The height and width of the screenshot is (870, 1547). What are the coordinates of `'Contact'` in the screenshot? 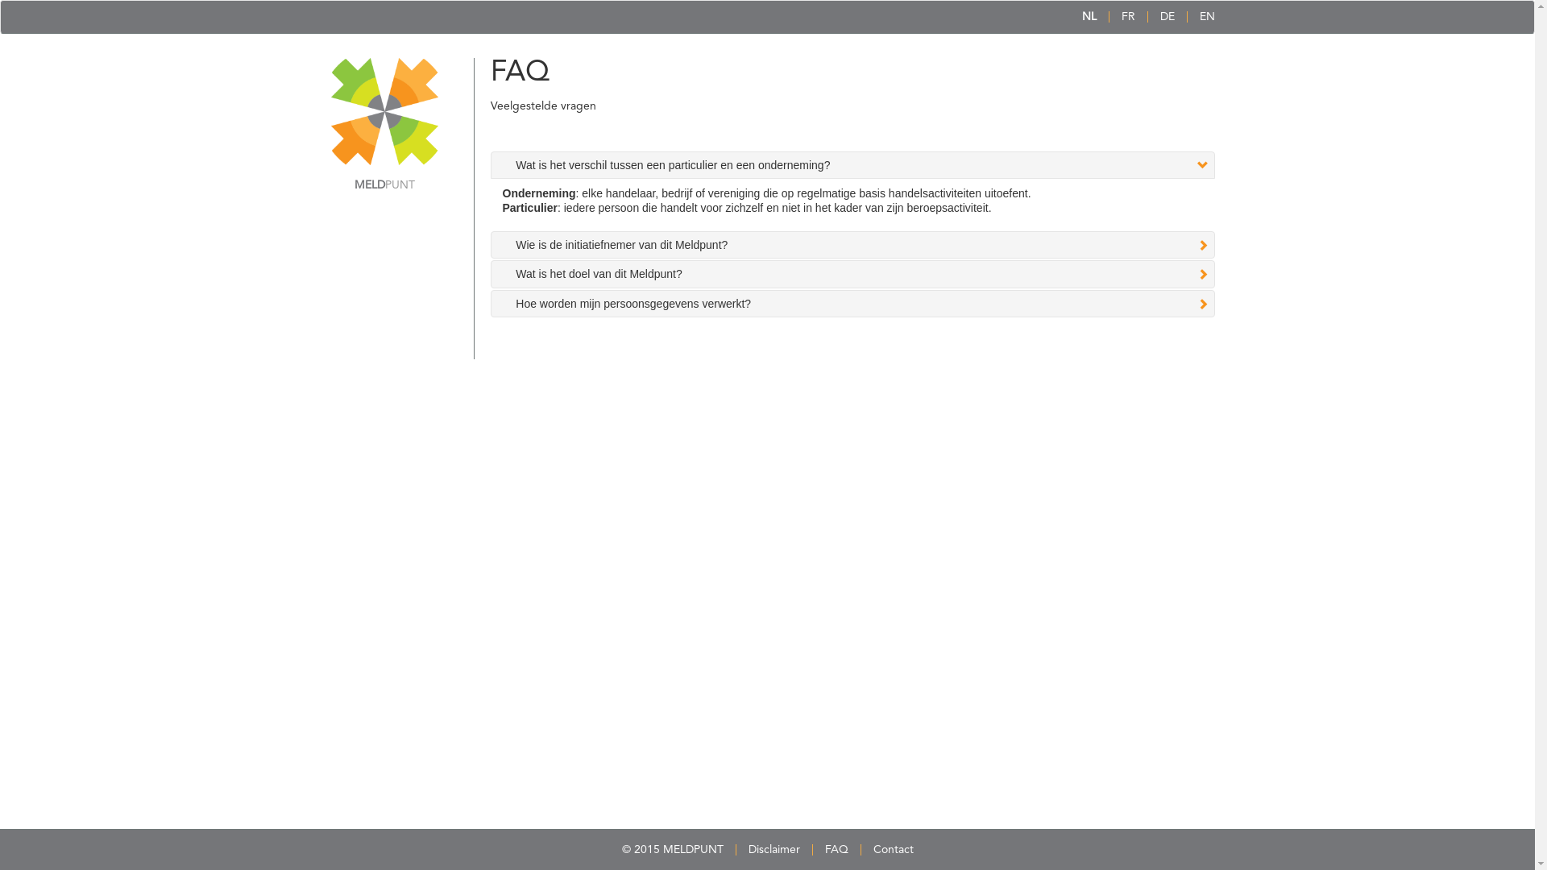 It's located at (892, 849).